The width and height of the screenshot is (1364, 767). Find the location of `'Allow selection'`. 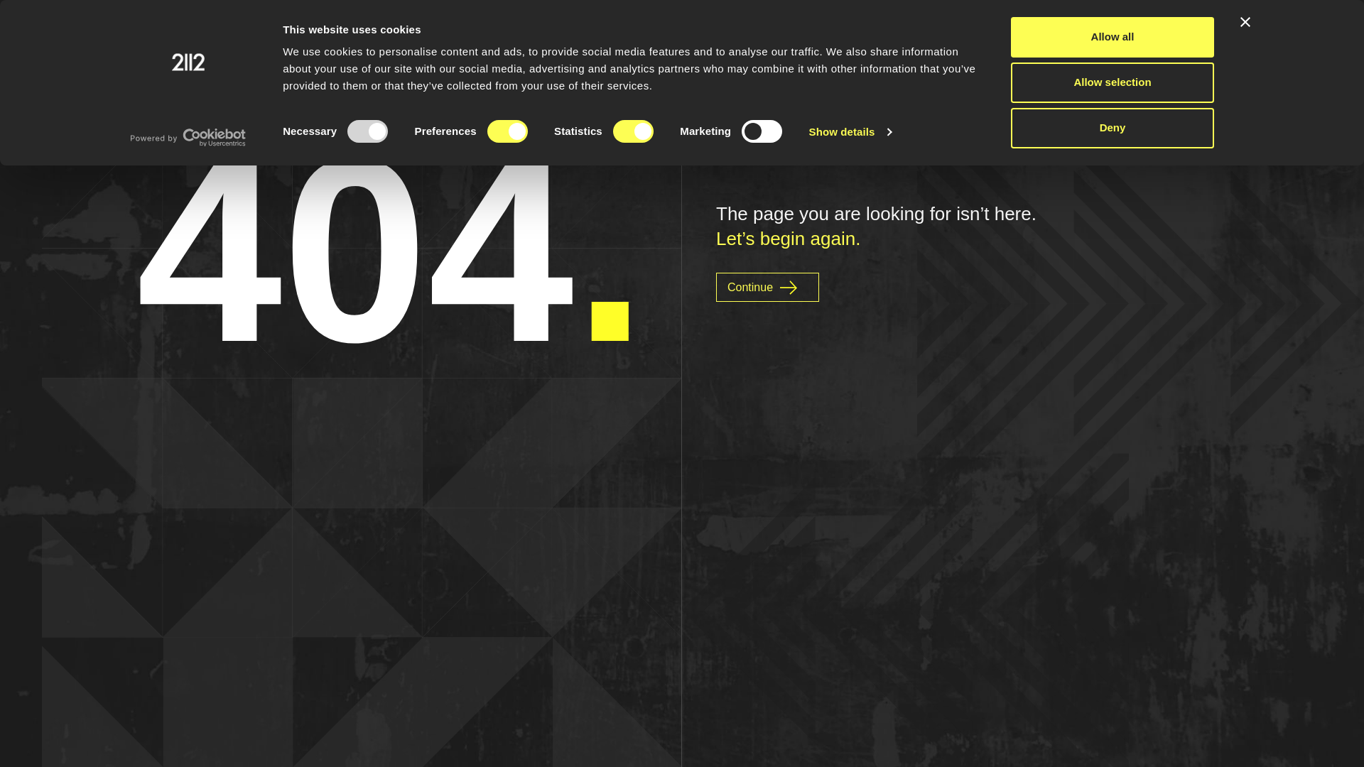

'Allow selection' is located at coordinates (1111, 82).